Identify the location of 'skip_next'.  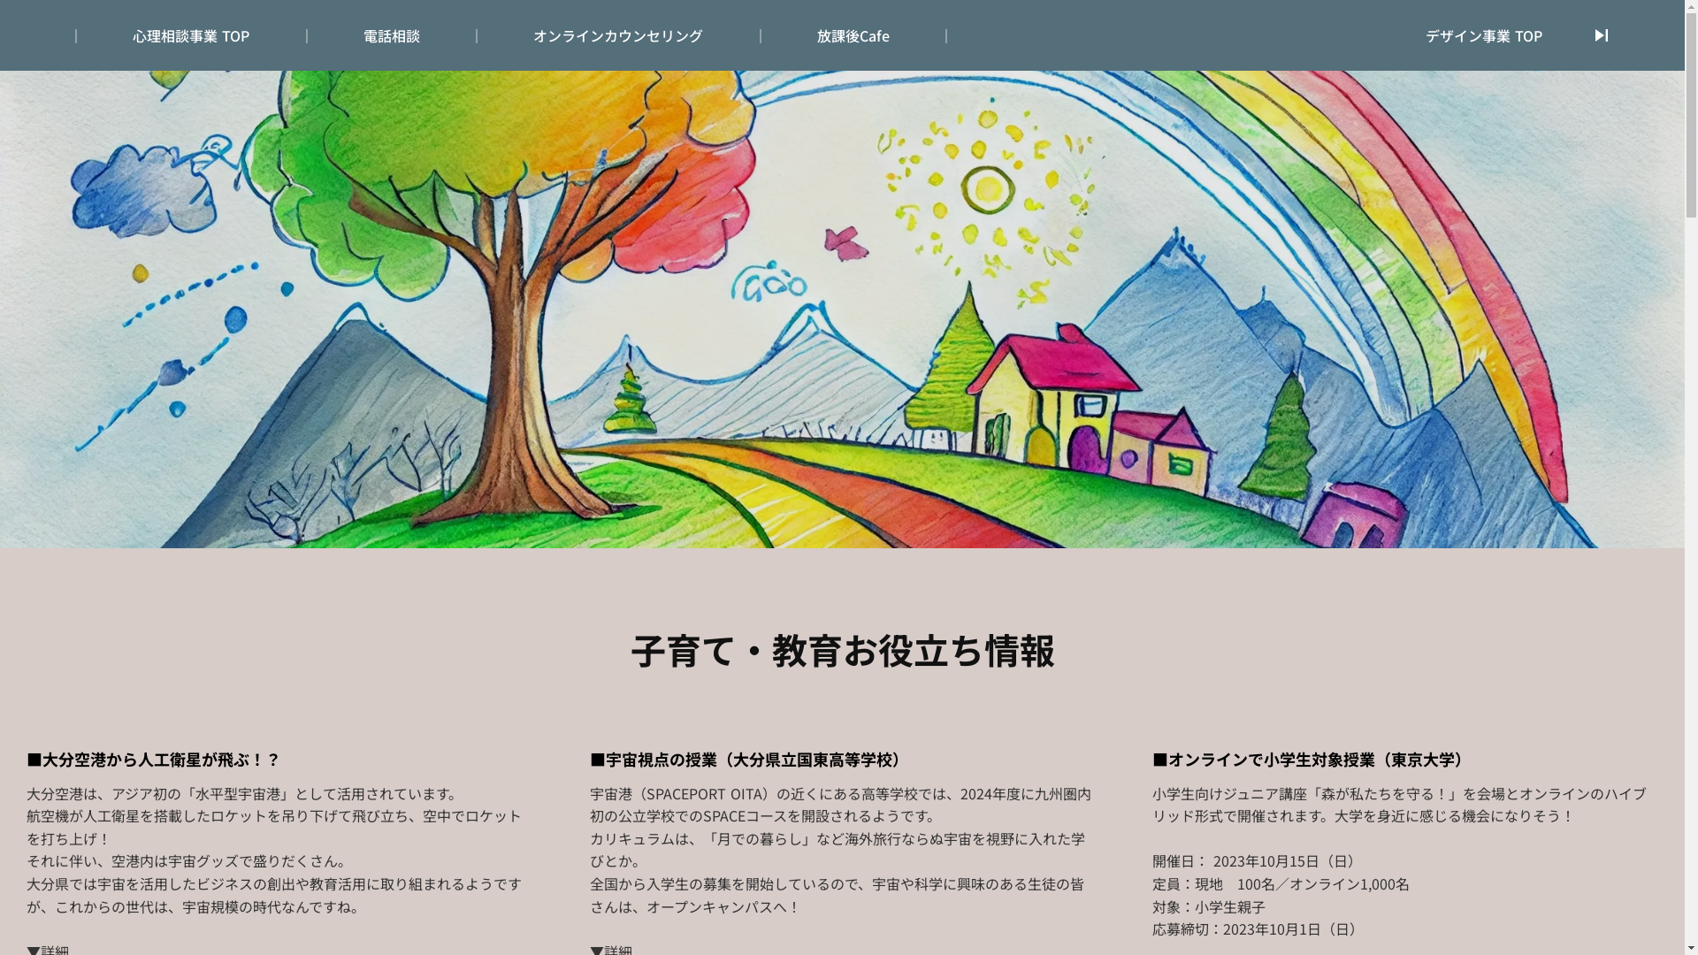
(1601, 34).